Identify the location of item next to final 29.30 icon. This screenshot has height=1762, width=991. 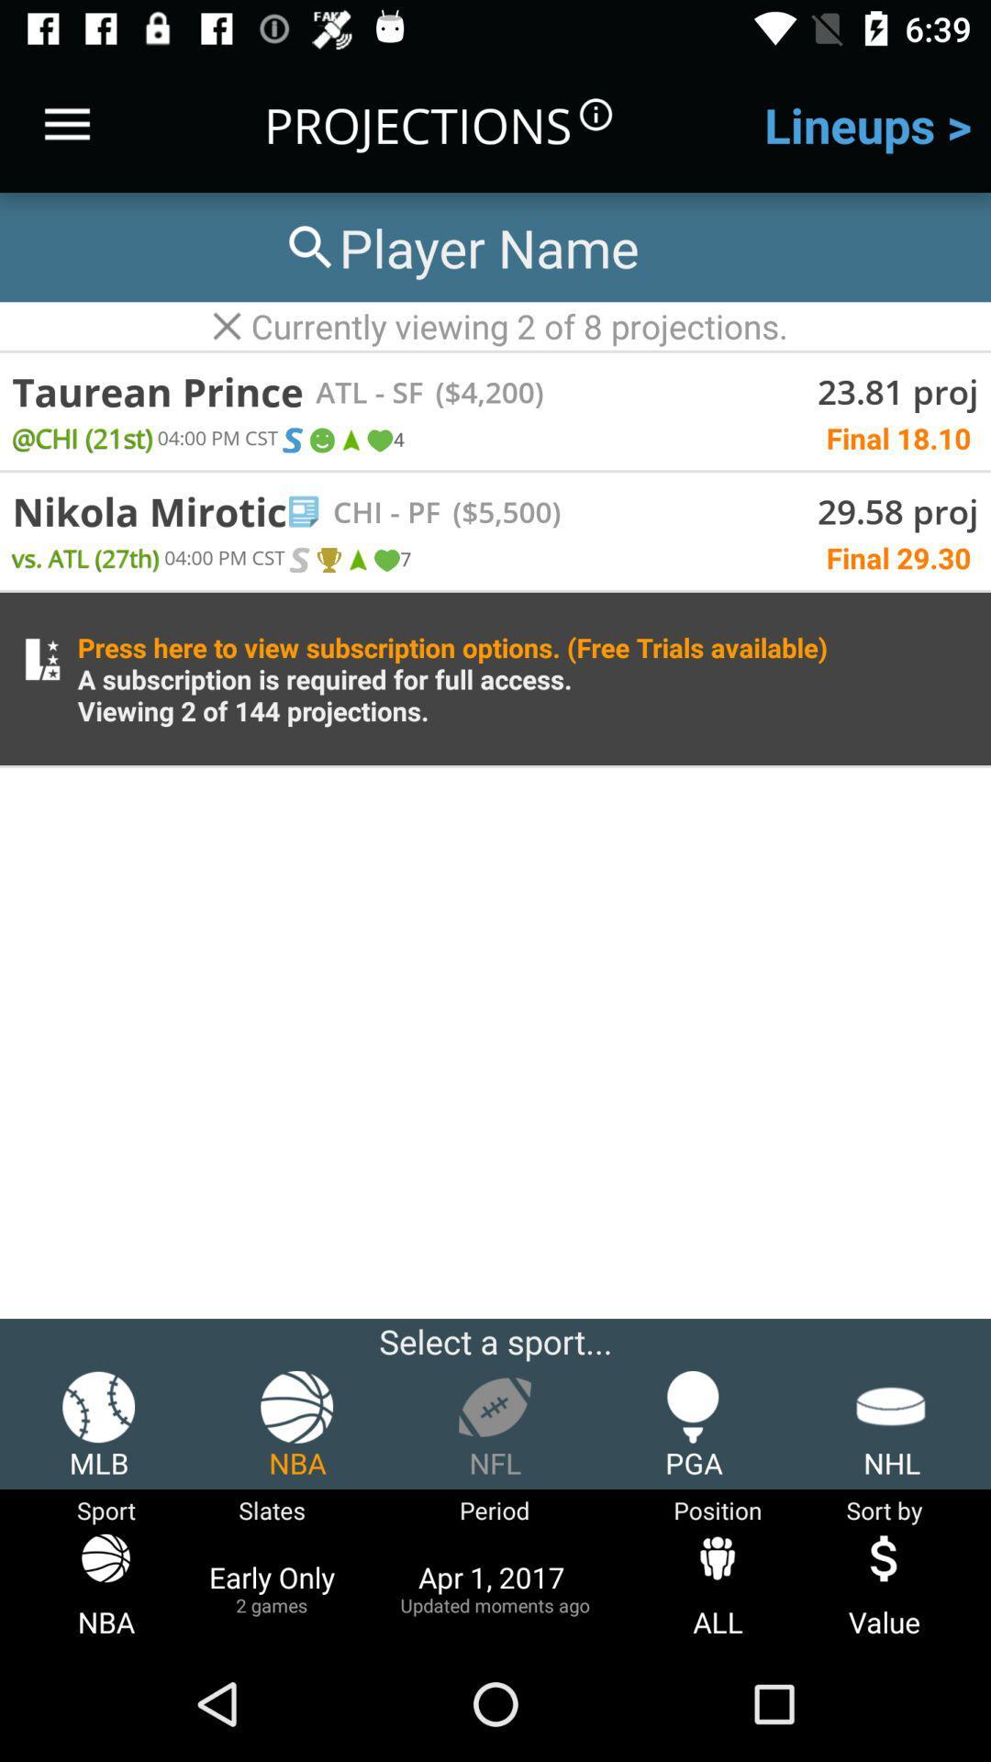
(384, 559).